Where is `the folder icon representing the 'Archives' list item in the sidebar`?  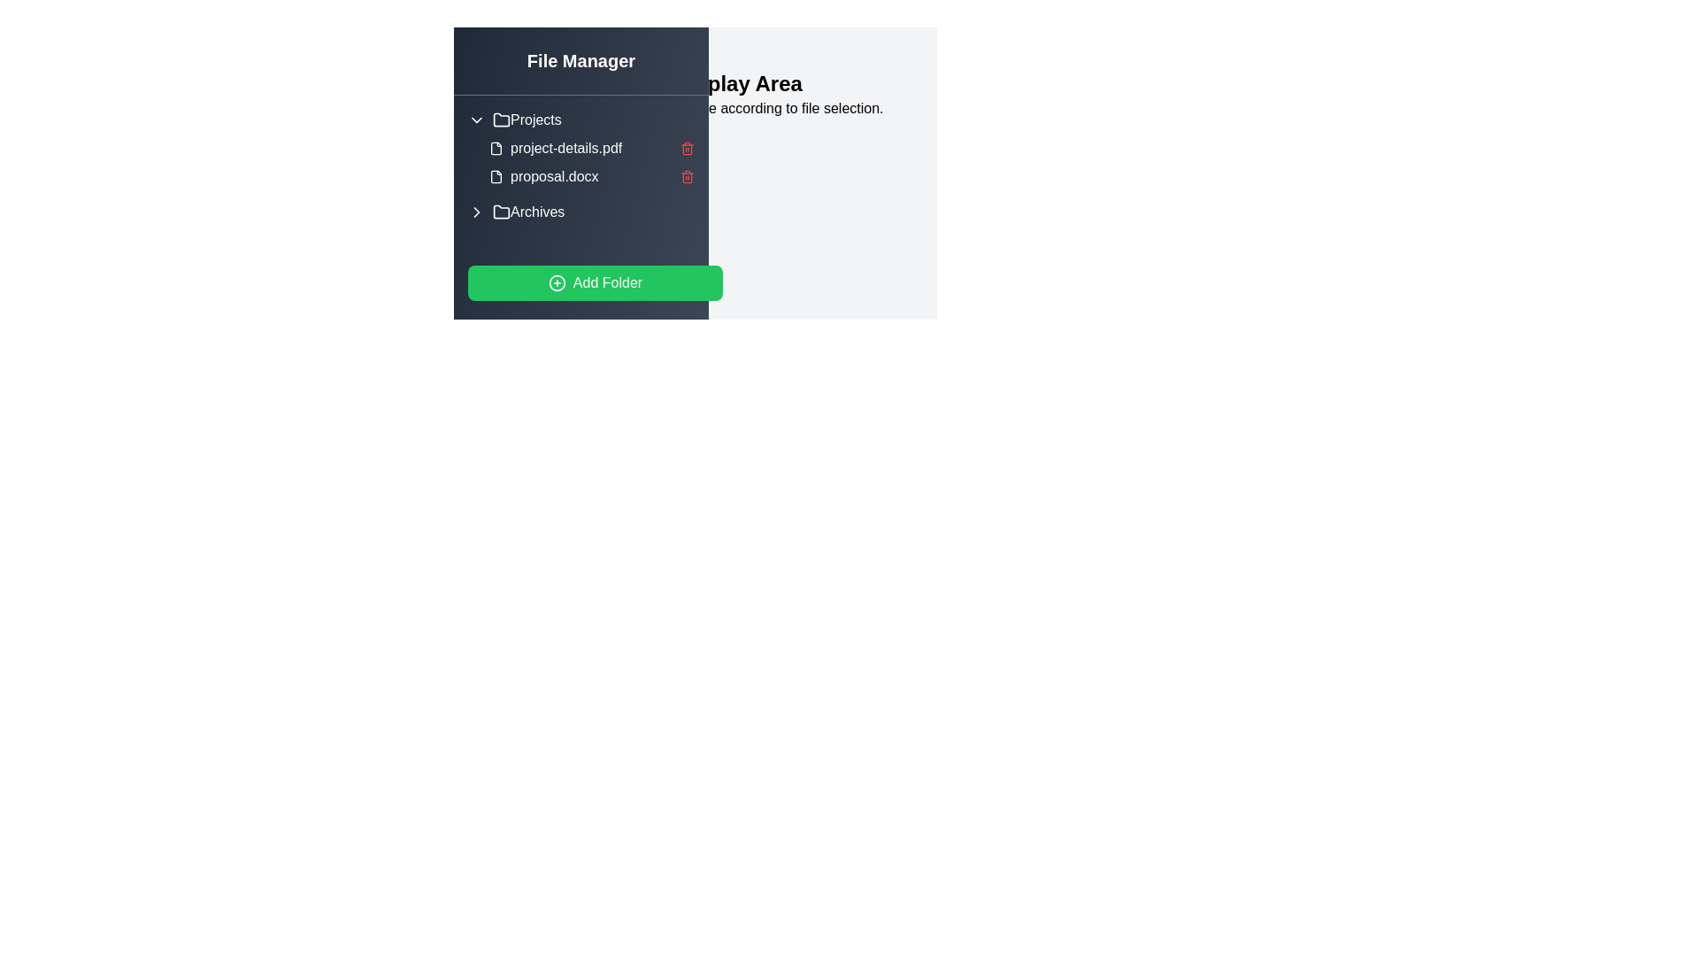
the folder icon representing the 'Archives' list item in the sidebar is located at coordinates (500, 211).